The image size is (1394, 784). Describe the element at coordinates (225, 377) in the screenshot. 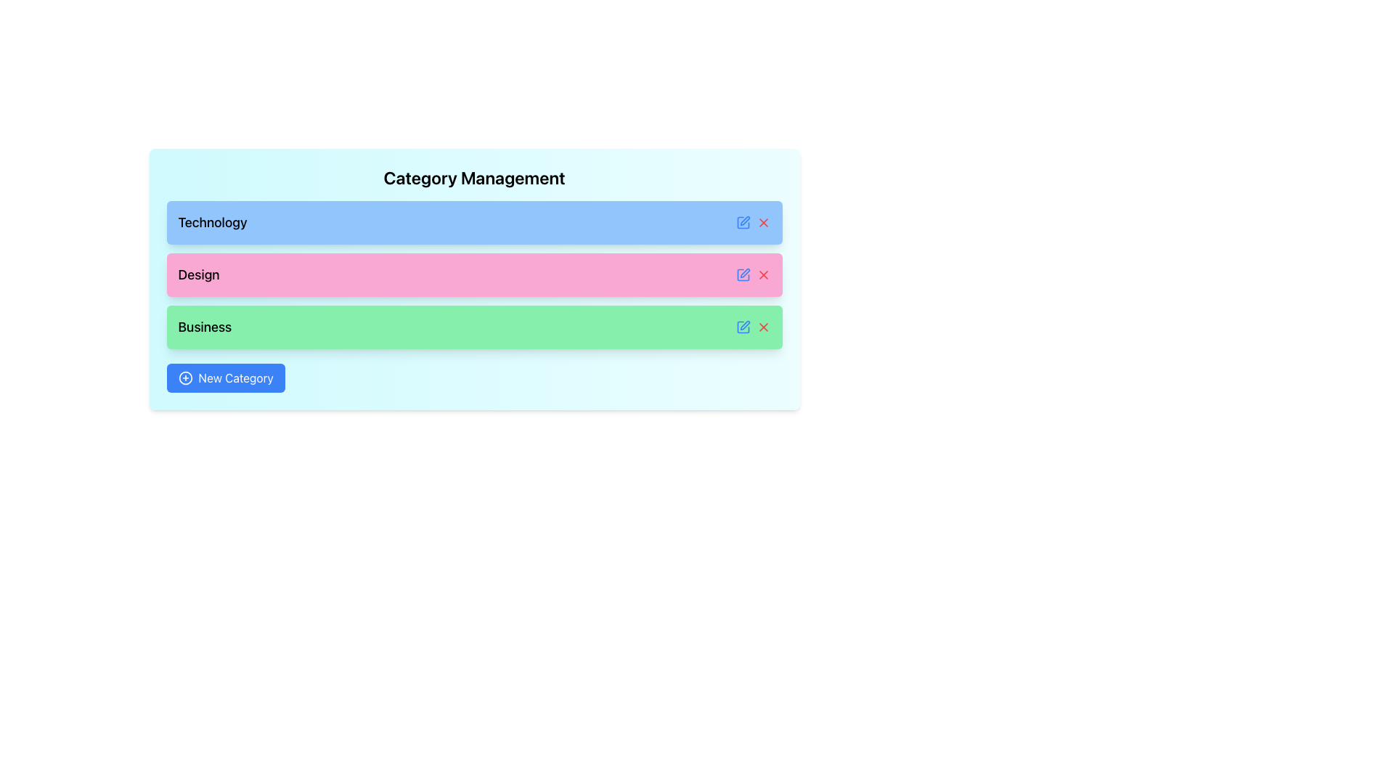

I see `the 'New Category' button with a blue background and white text to observe hover effects` at that location.